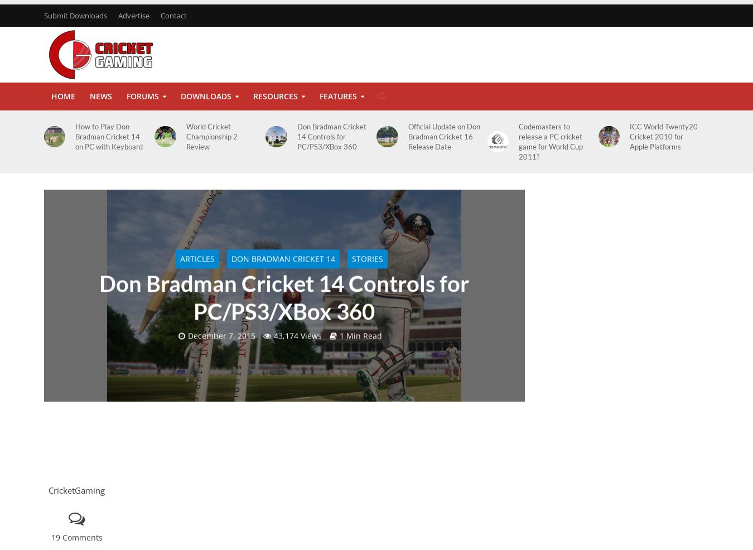  Describe the element at coordinates (443, 136) in the screenshot. I see `'Official Update on Don Bradman Cricket 16 Release Date'` at that location.